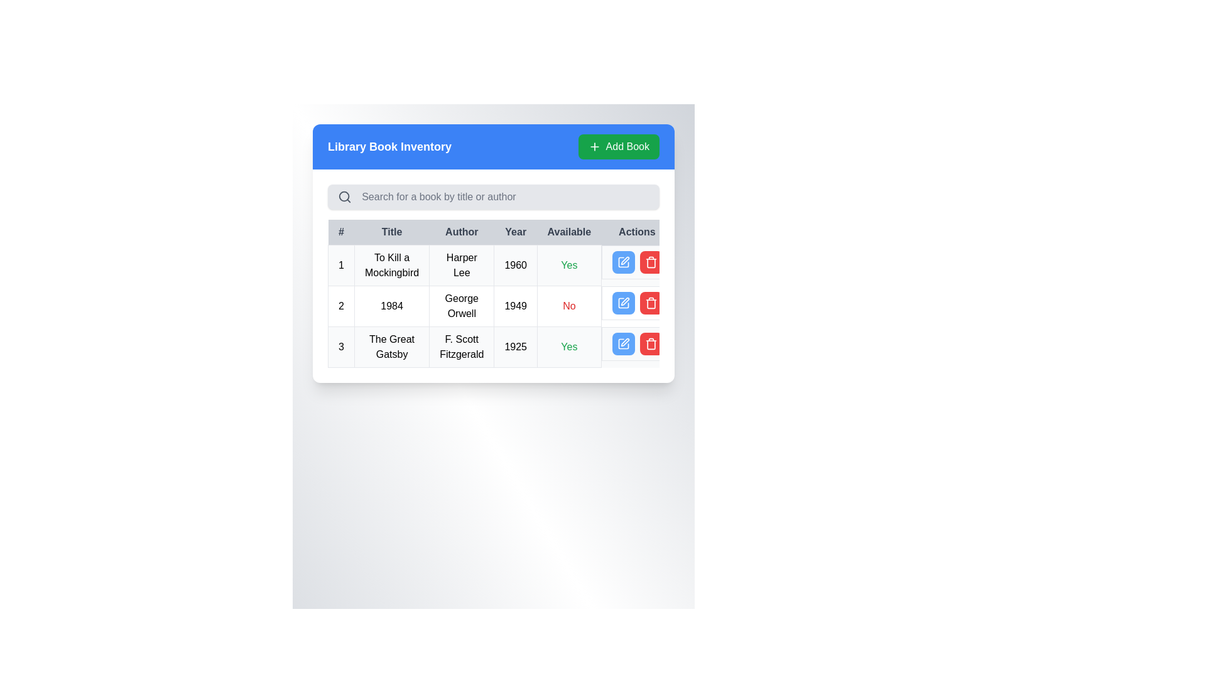 The image size is (1206, 678). I want to click on the SVG icon resembling a pen within the button located in the 'Actions' column of the third row, aligned with 'The Great Gatsby', to initiate editing, so click(623, 343).